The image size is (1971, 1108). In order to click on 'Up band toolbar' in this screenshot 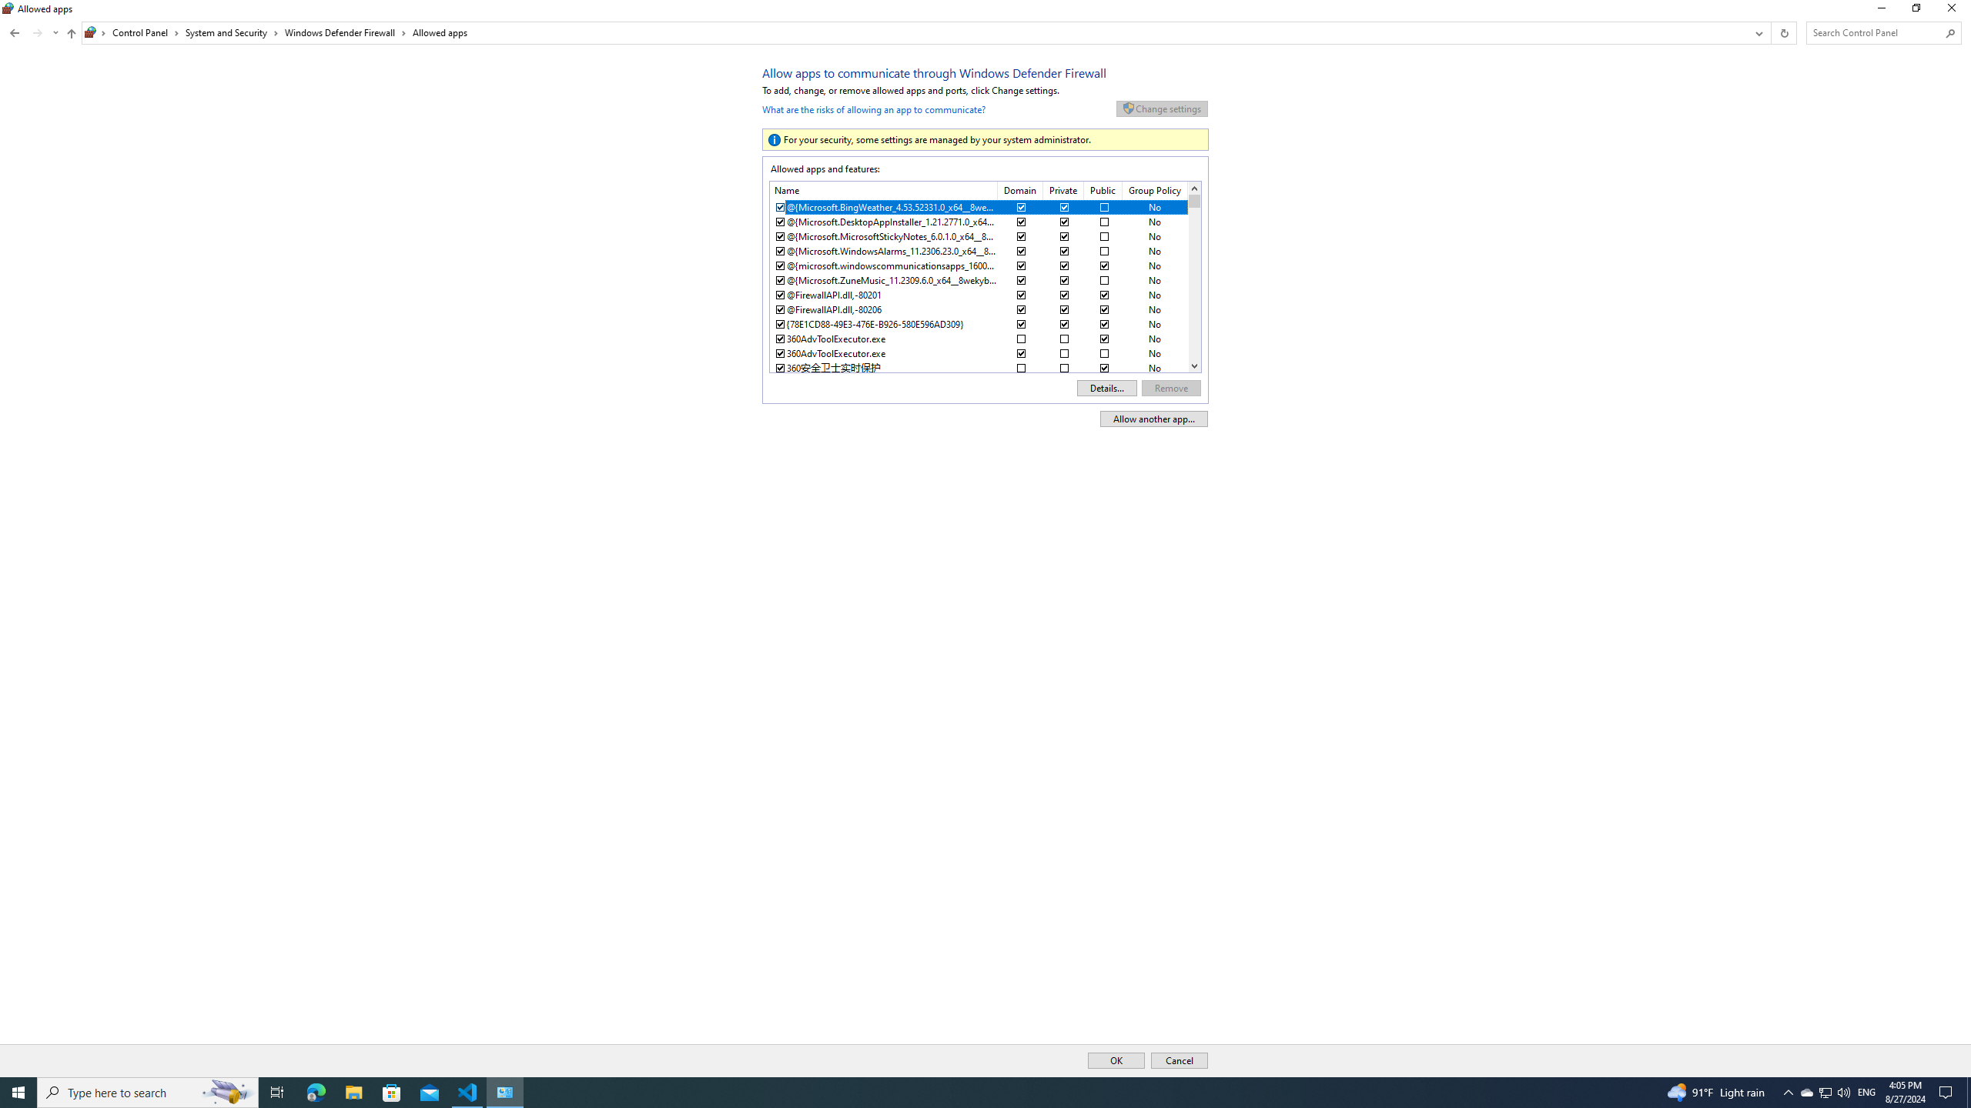, I will do `click(72, 35)`.